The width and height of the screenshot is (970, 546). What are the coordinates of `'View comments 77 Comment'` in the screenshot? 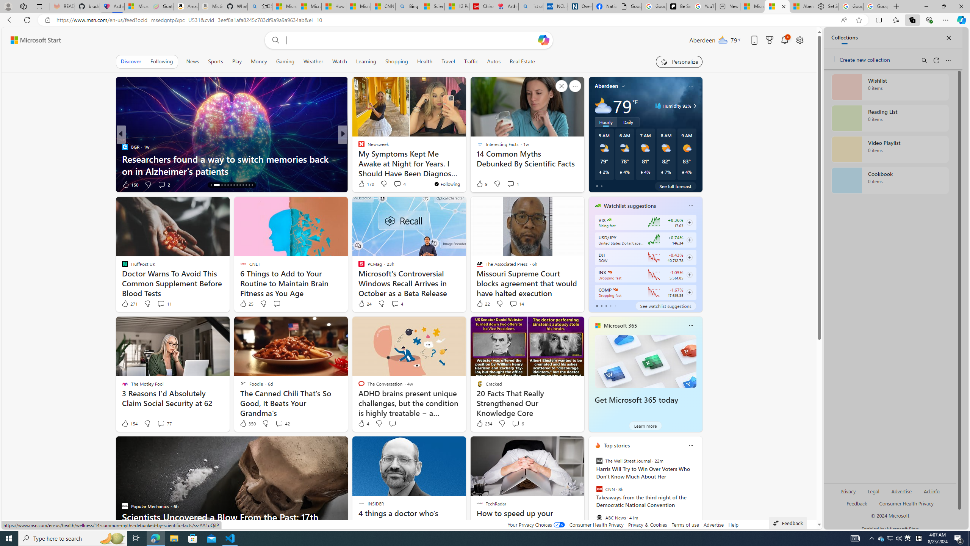 It's located at (164, 423).